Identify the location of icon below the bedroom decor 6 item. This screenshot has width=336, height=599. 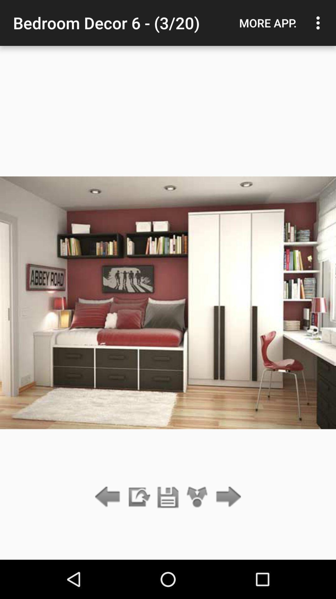
(168, 497).